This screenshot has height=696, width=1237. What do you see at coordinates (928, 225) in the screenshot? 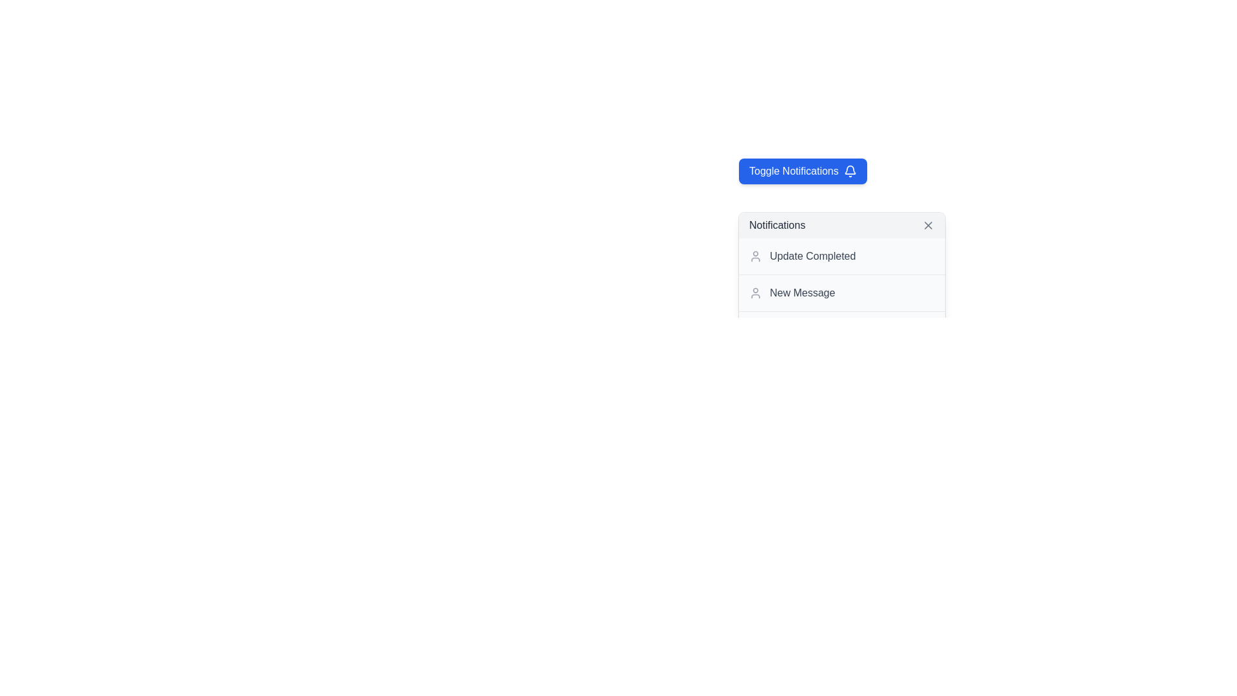
I see `the close icon represented by a small cross in the top-right corner of the notification dropdown` at bounding box center [928, 225].